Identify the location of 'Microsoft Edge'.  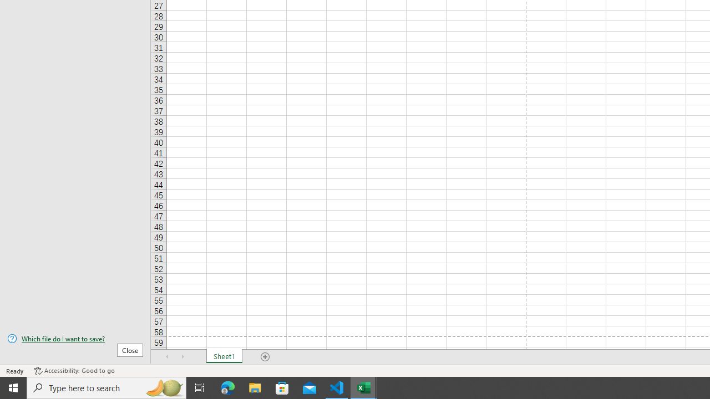
(227, 387).